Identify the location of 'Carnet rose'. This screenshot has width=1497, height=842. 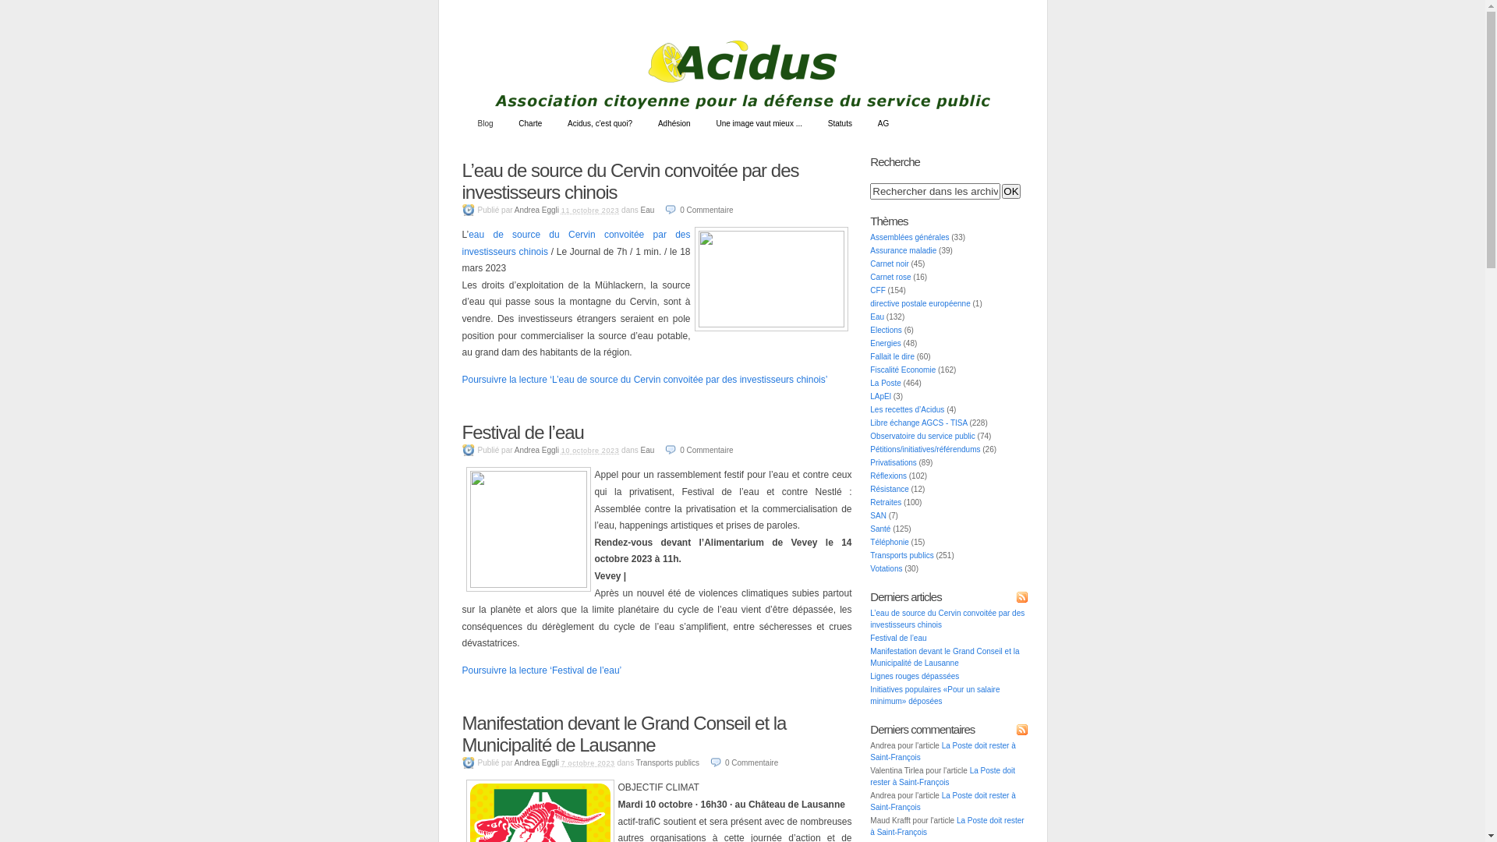
(890, 276).